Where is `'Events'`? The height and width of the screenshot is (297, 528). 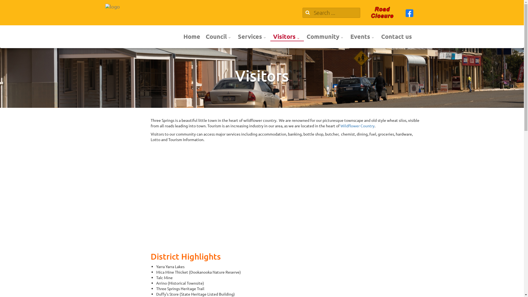
'Events' is located at coordinates (363, 36).